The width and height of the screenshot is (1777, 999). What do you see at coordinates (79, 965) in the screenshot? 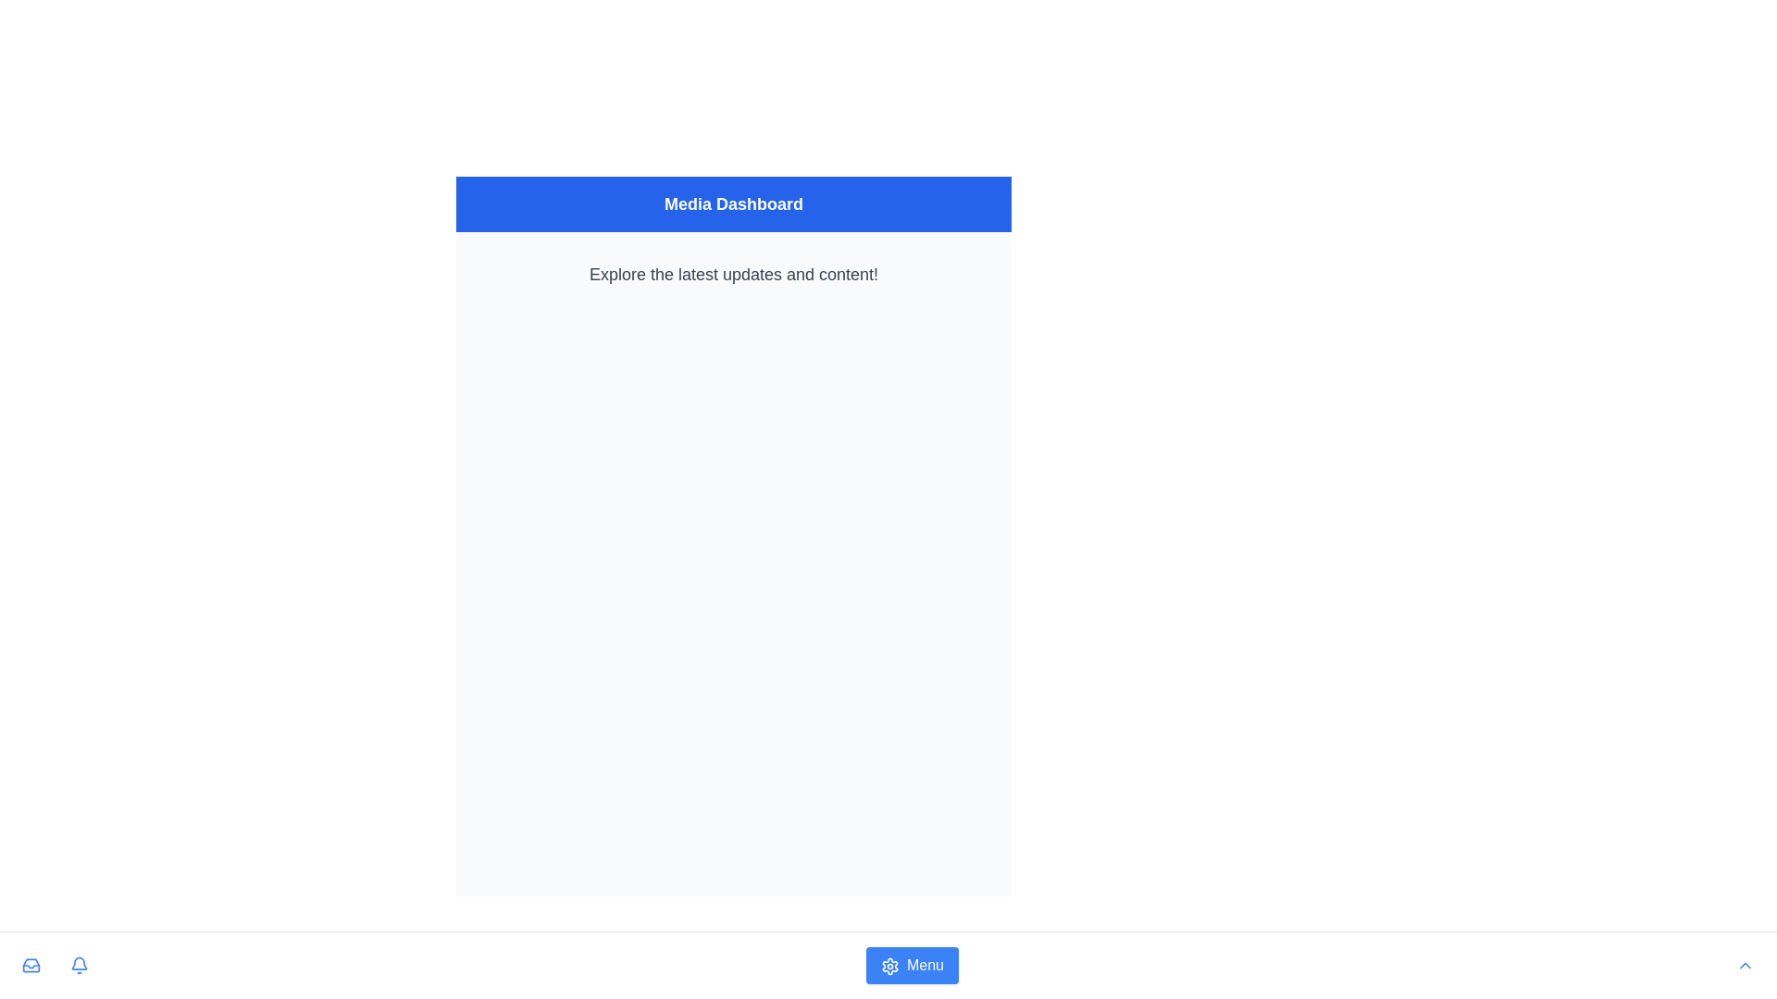
I see `the bell icon with a blue outline that represents notifications, located in the bottom row of icons` at bounding box center [79, 965].